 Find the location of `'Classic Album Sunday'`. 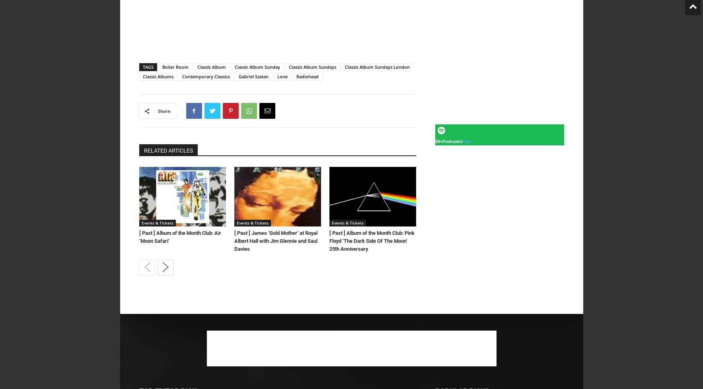

'Classic Album Sunday' is located at coordinates (234, 67).